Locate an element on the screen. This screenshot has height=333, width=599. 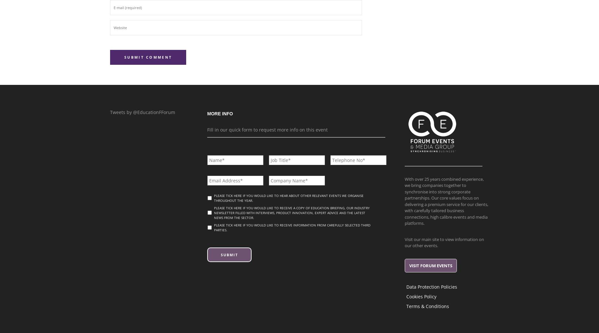
'More info' is located at coordinates (220, 113).